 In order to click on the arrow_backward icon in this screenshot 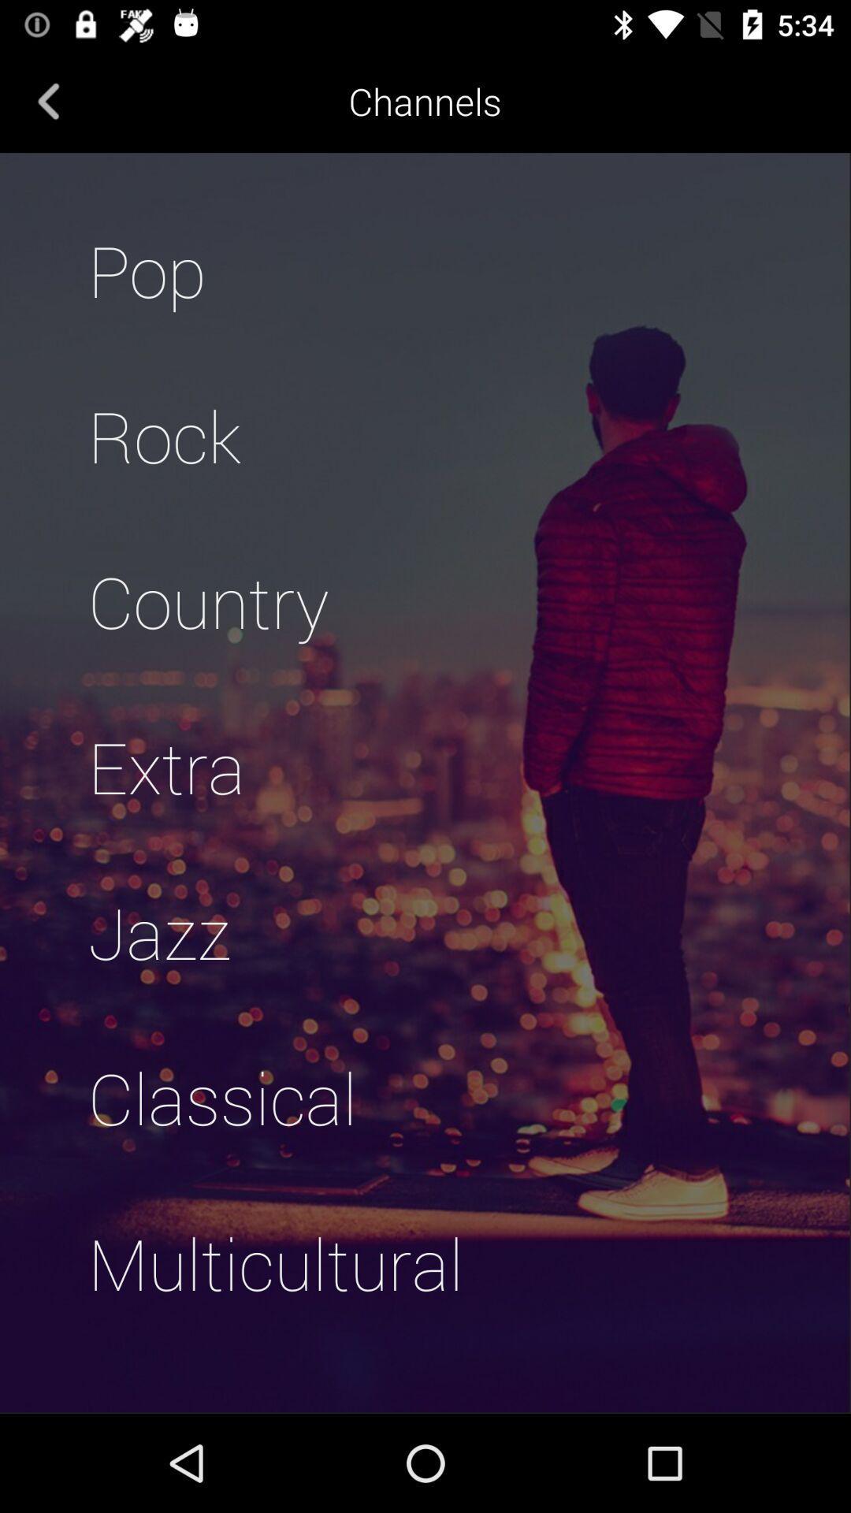, I will do `click(48, 100)`.